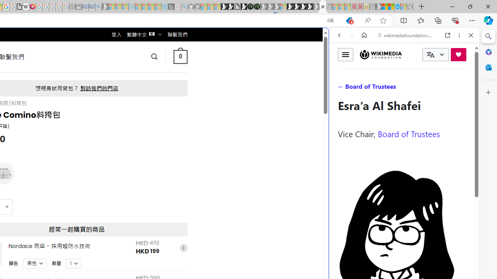  What do you see at coordinates (230, 7) in the screenshot?
I see `'Play Zoo Boom in your browser | Games from Microsoft Start'` at bounding box center [230, 7].